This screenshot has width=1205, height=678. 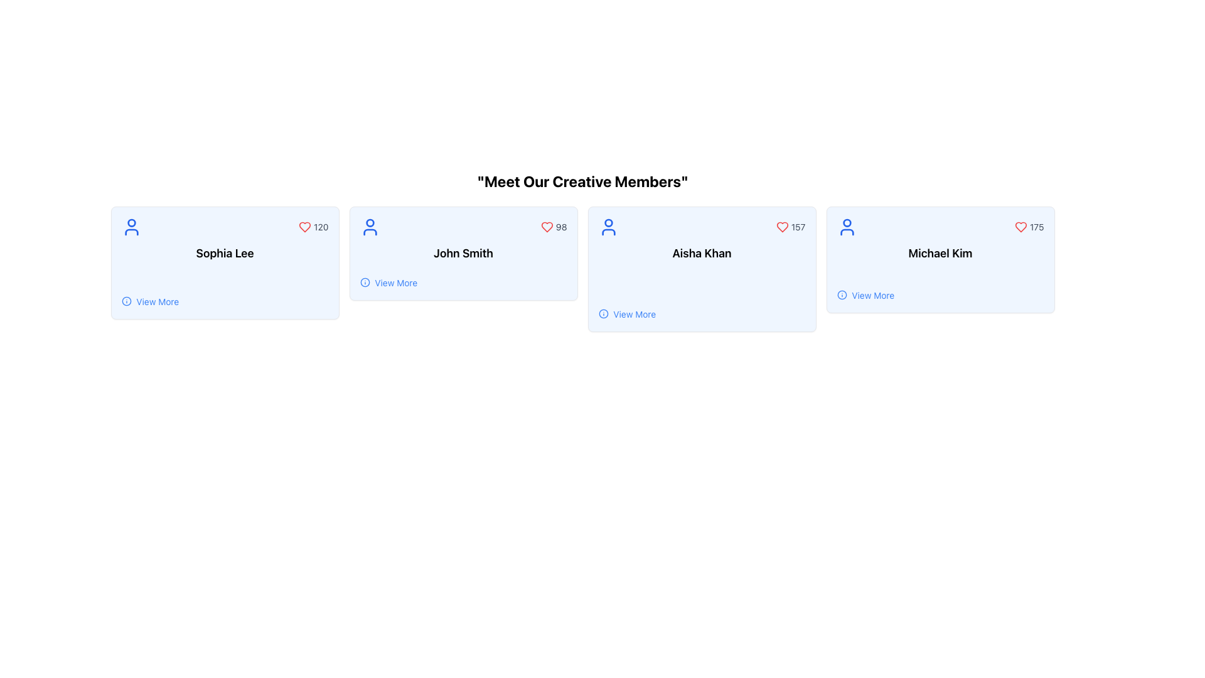 I want to click on the information icon which is represented by a circular SVG shape located in the user profile card section for 'Sophia Lee', so click(x=126, y=301).